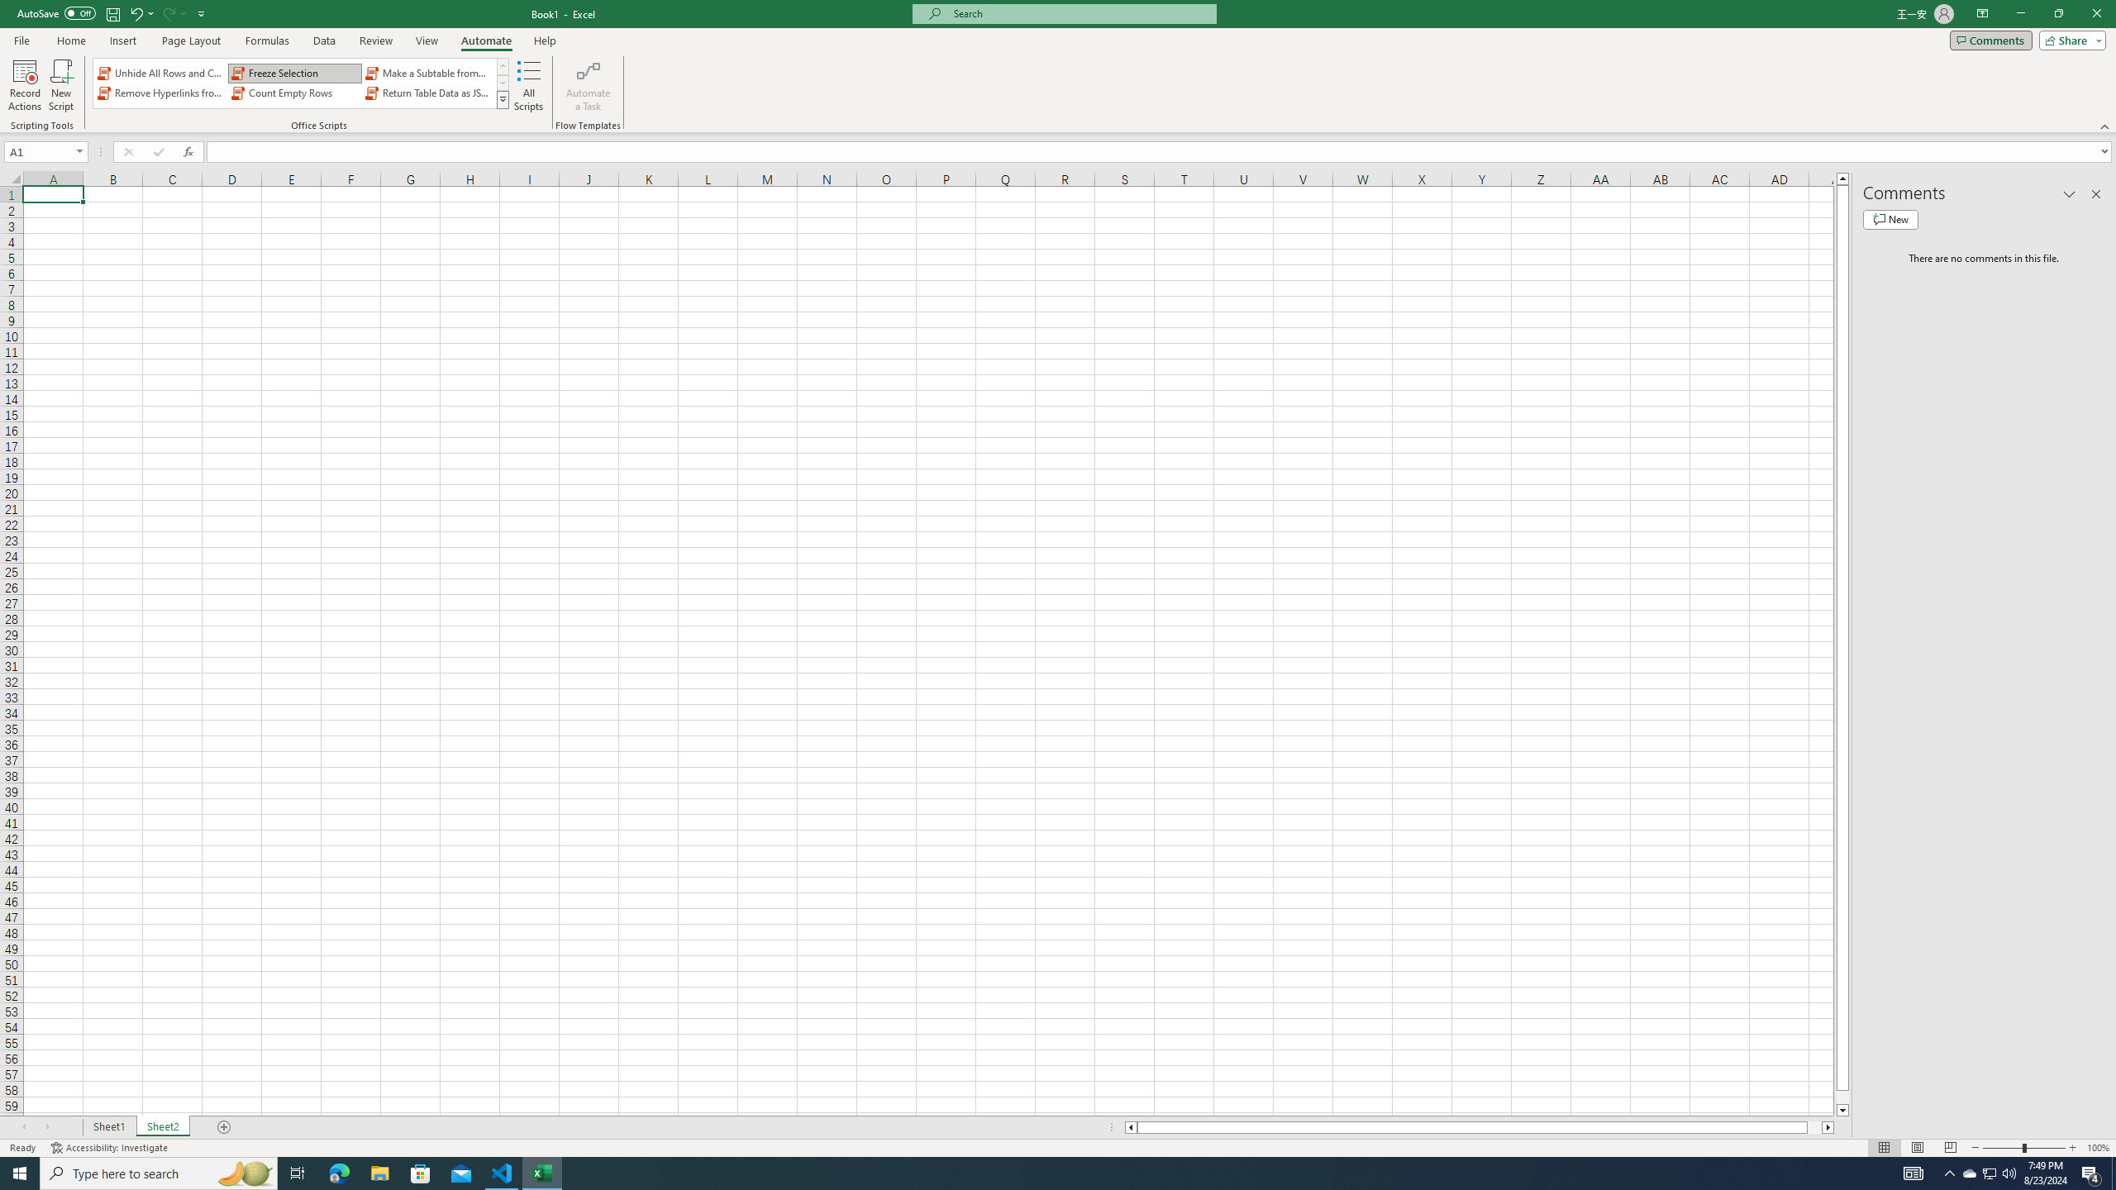 The image size is (2116, 1190). I want to click on 'Remove Hyperlinks from Sheet', so click(161, 93).